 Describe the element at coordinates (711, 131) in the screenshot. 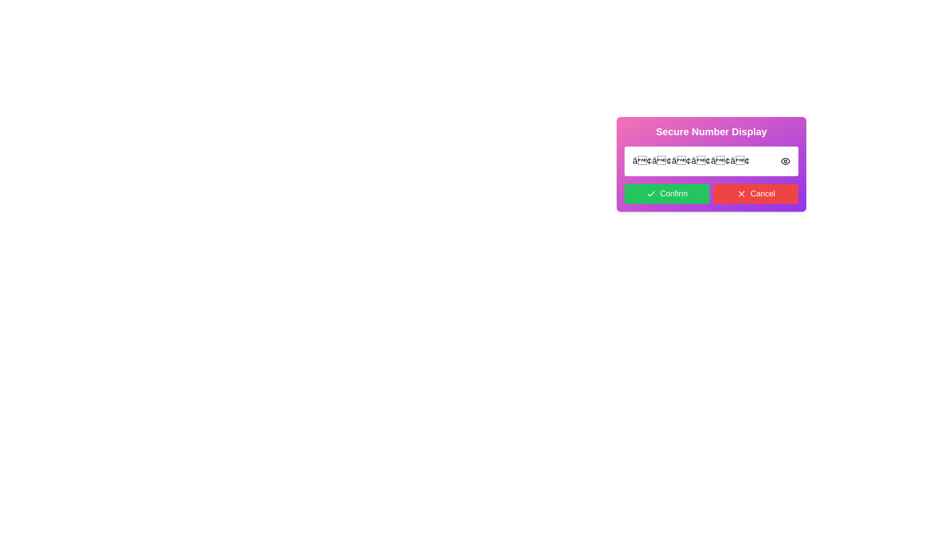

I see `the static text label that serves as an informational title for the card content, located at the top of the card above the masked input field and action buttons` at that location.